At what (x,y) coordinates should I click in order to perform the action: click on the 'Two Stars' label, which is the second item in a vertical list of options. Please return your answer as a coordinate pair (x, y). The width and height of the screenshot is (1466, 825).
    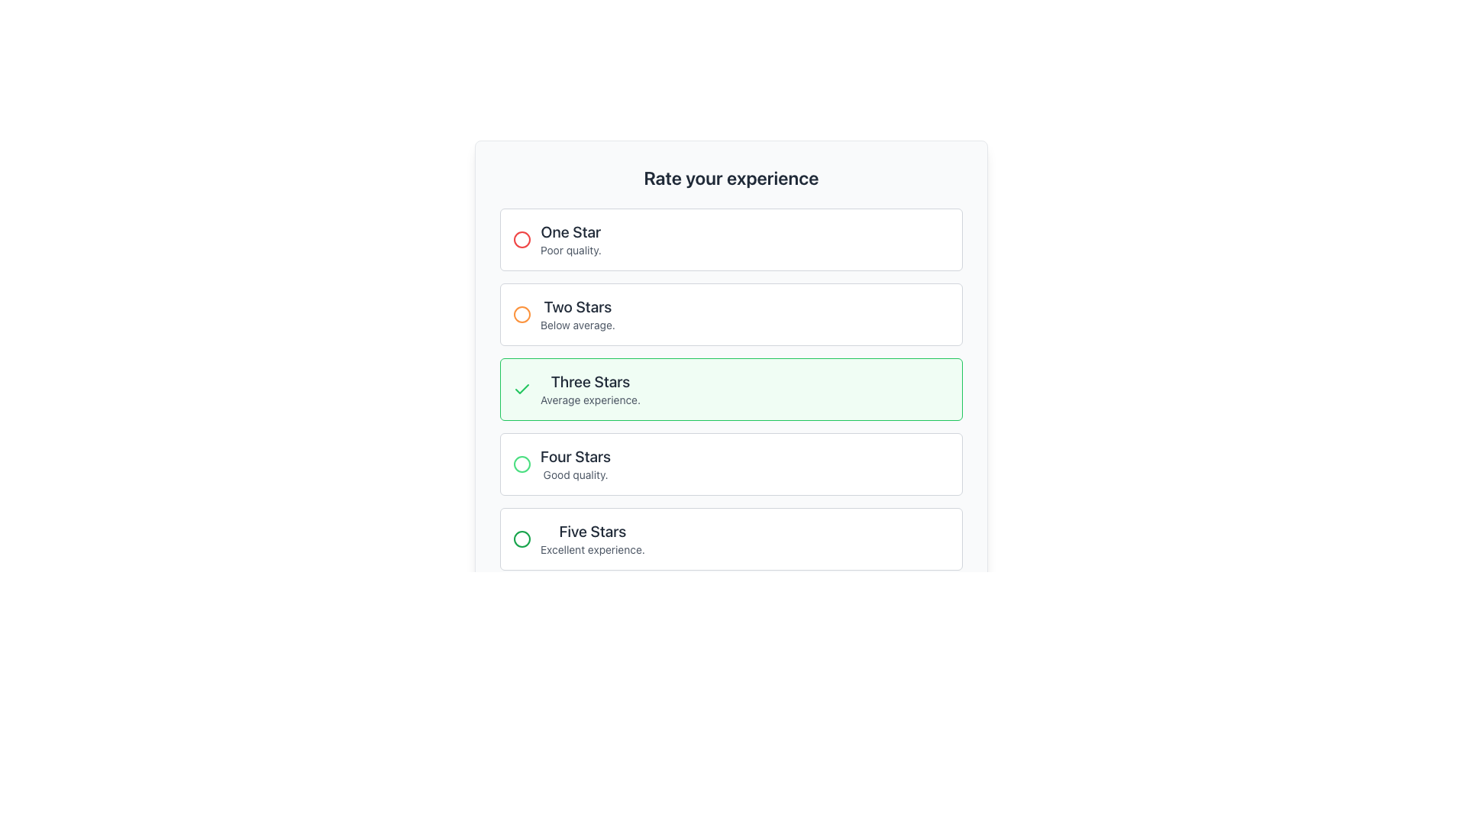
    Looking at the image, I should click on (577, 306).